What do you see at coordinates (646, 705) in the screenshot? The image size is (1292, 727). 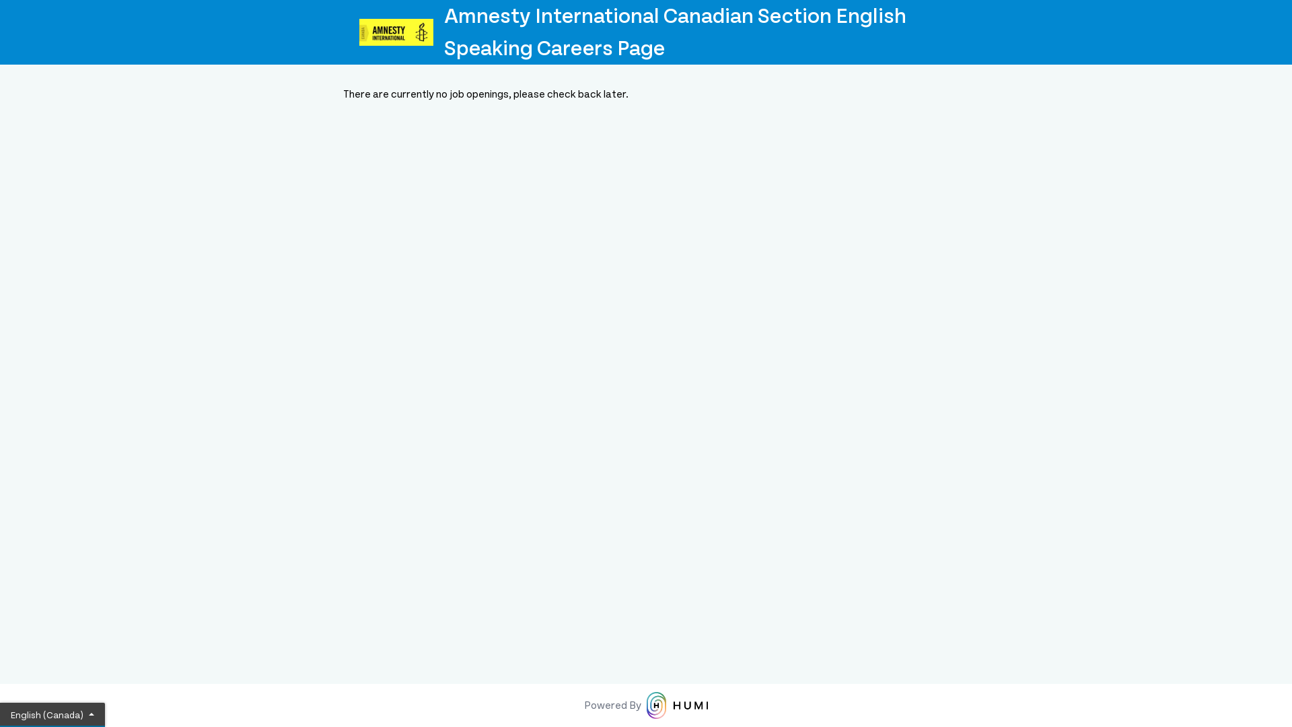 I see `'Powered By'` at bounding box center [646, 705].